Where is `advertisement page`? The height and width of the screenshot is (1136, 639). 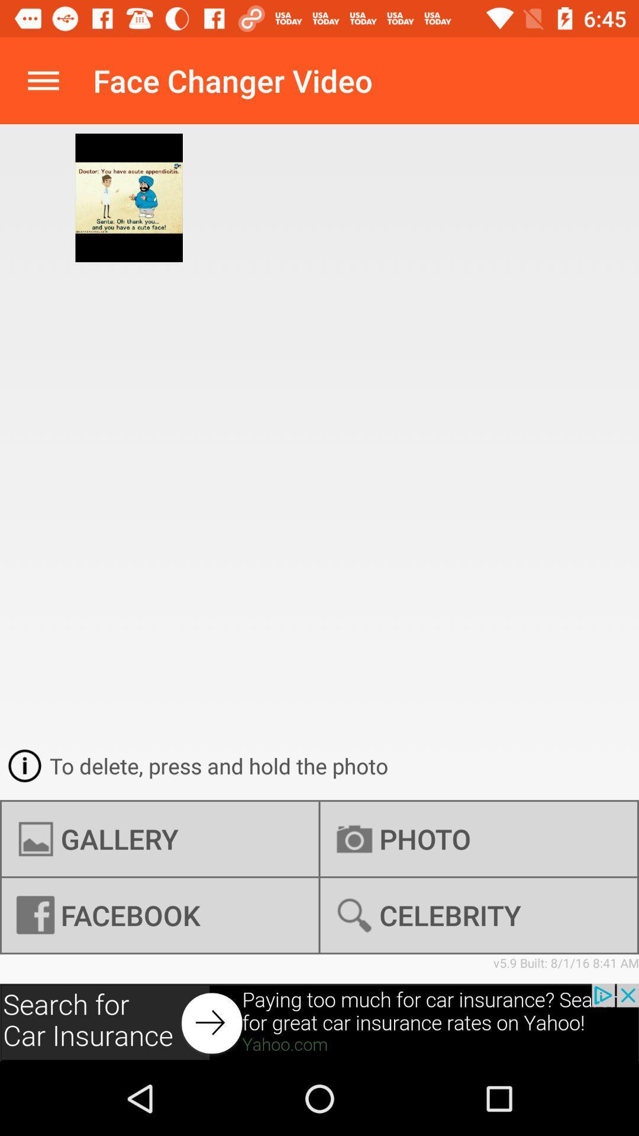
advertisement page is located at coordinates (319, 1022).